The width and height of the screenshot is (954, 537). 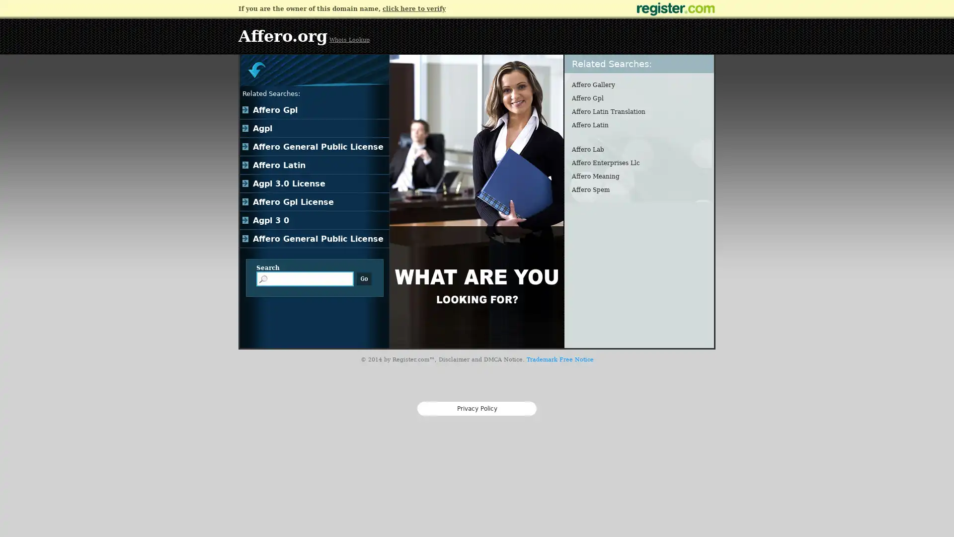 What do you see at coordinates (364, 278) in the screenshot?
I see `Go` at bounding box center [364, 278].